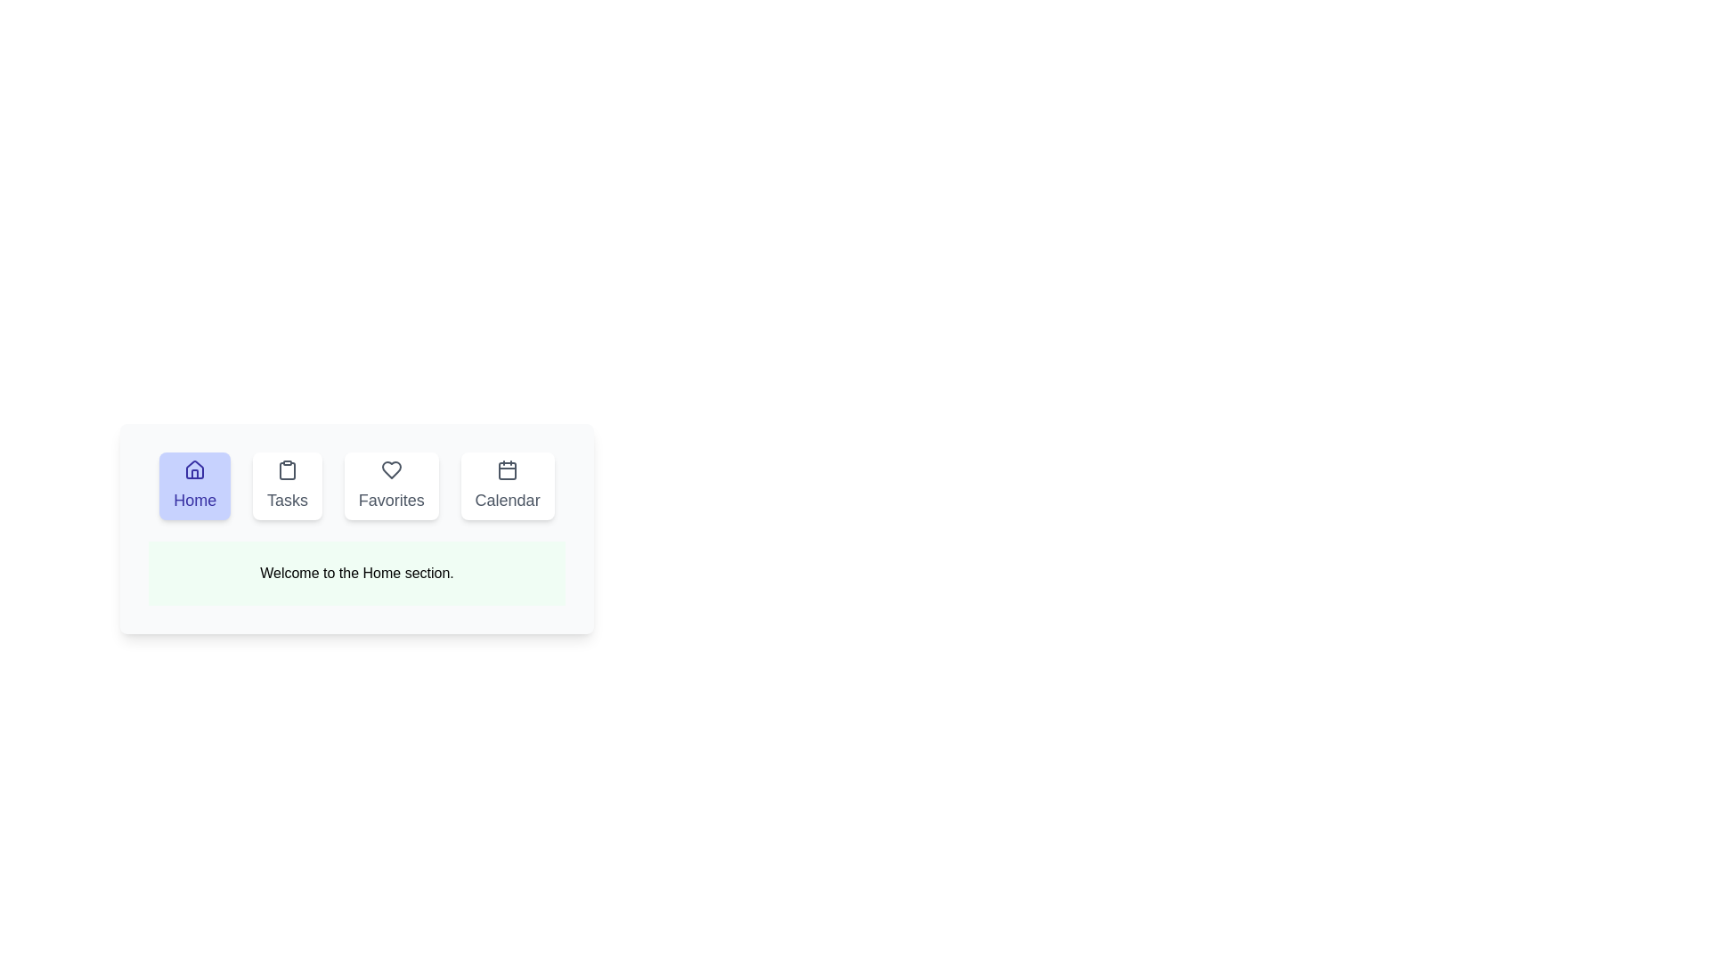 This screenshot has width=1710, height=962. What do you see at coordinates (507, 486) in the screenshot?
I see `the tab button labeled Calendar` at bounding box center [507, 486].